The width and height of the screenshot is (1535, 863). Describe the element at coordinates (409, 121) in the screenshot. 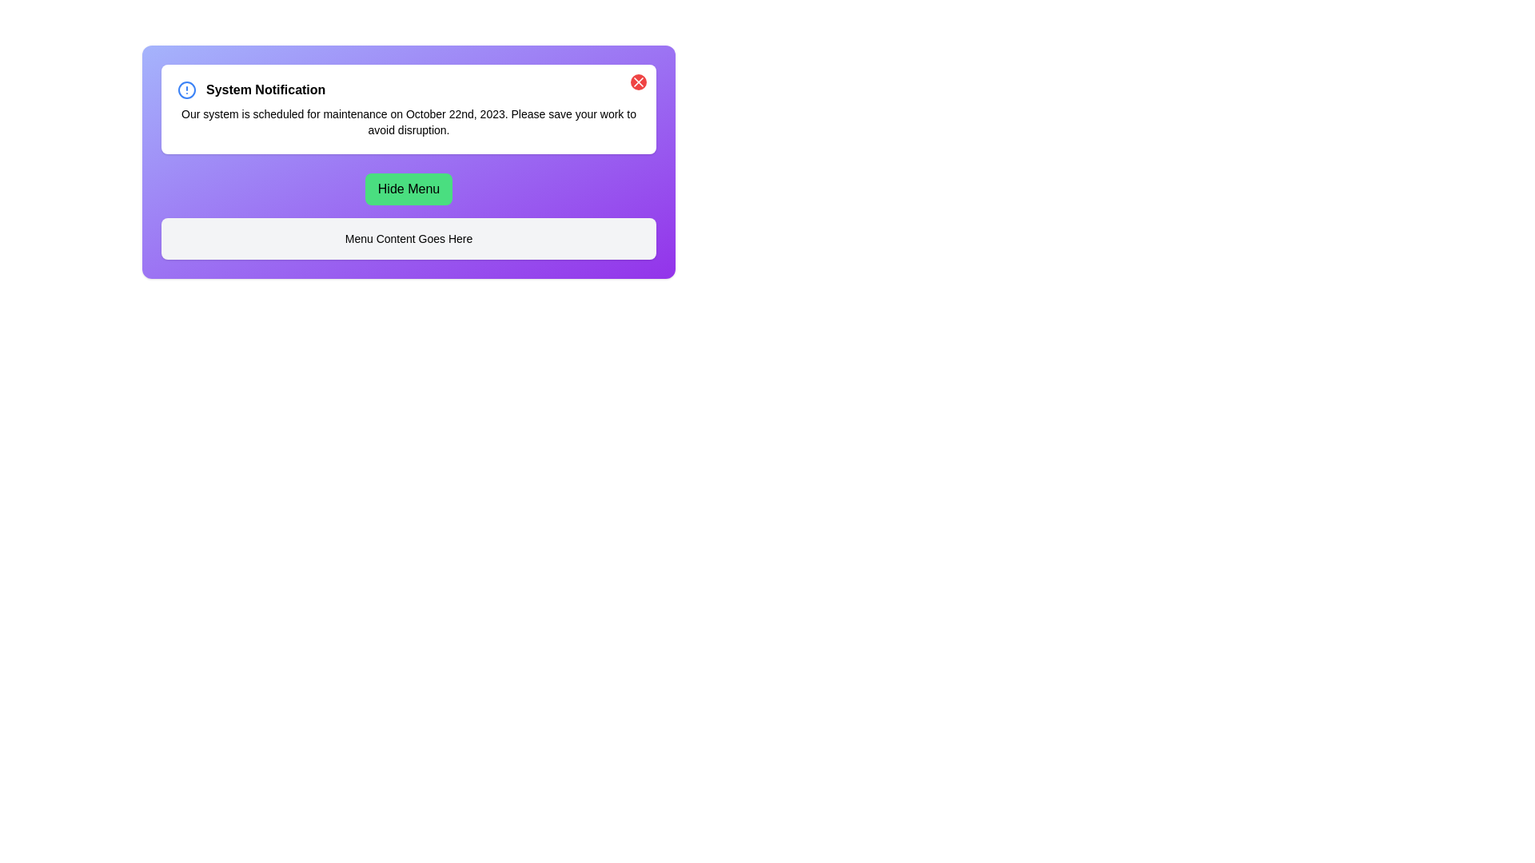

I see `the text area of the notification to enable text selection` at that location.